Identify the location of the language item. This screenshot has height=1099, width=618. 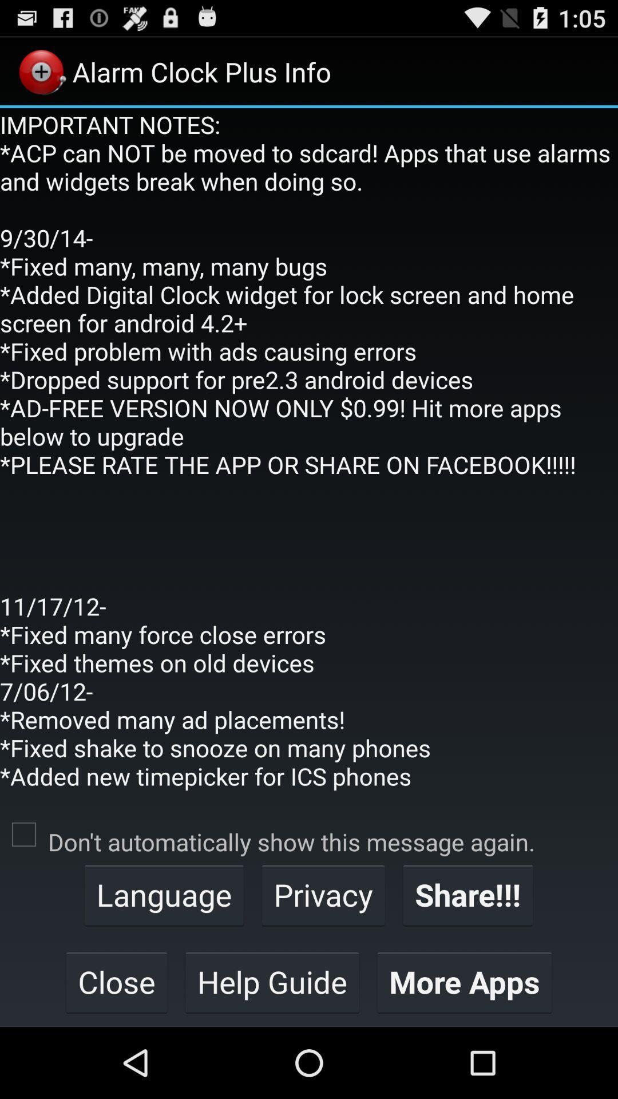
(164, 894).